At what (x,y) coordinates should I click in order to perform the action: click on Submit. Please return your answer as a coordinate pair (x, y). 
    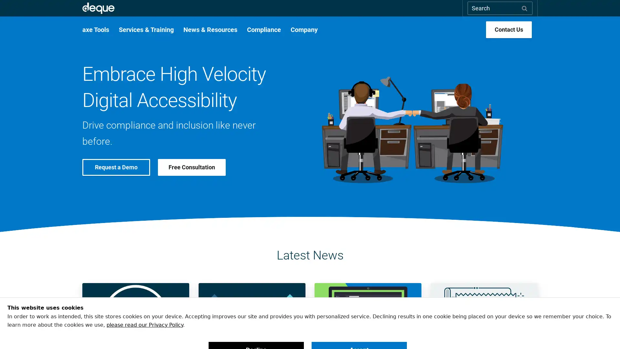
    Looking at the image, I should click on (524, 8).